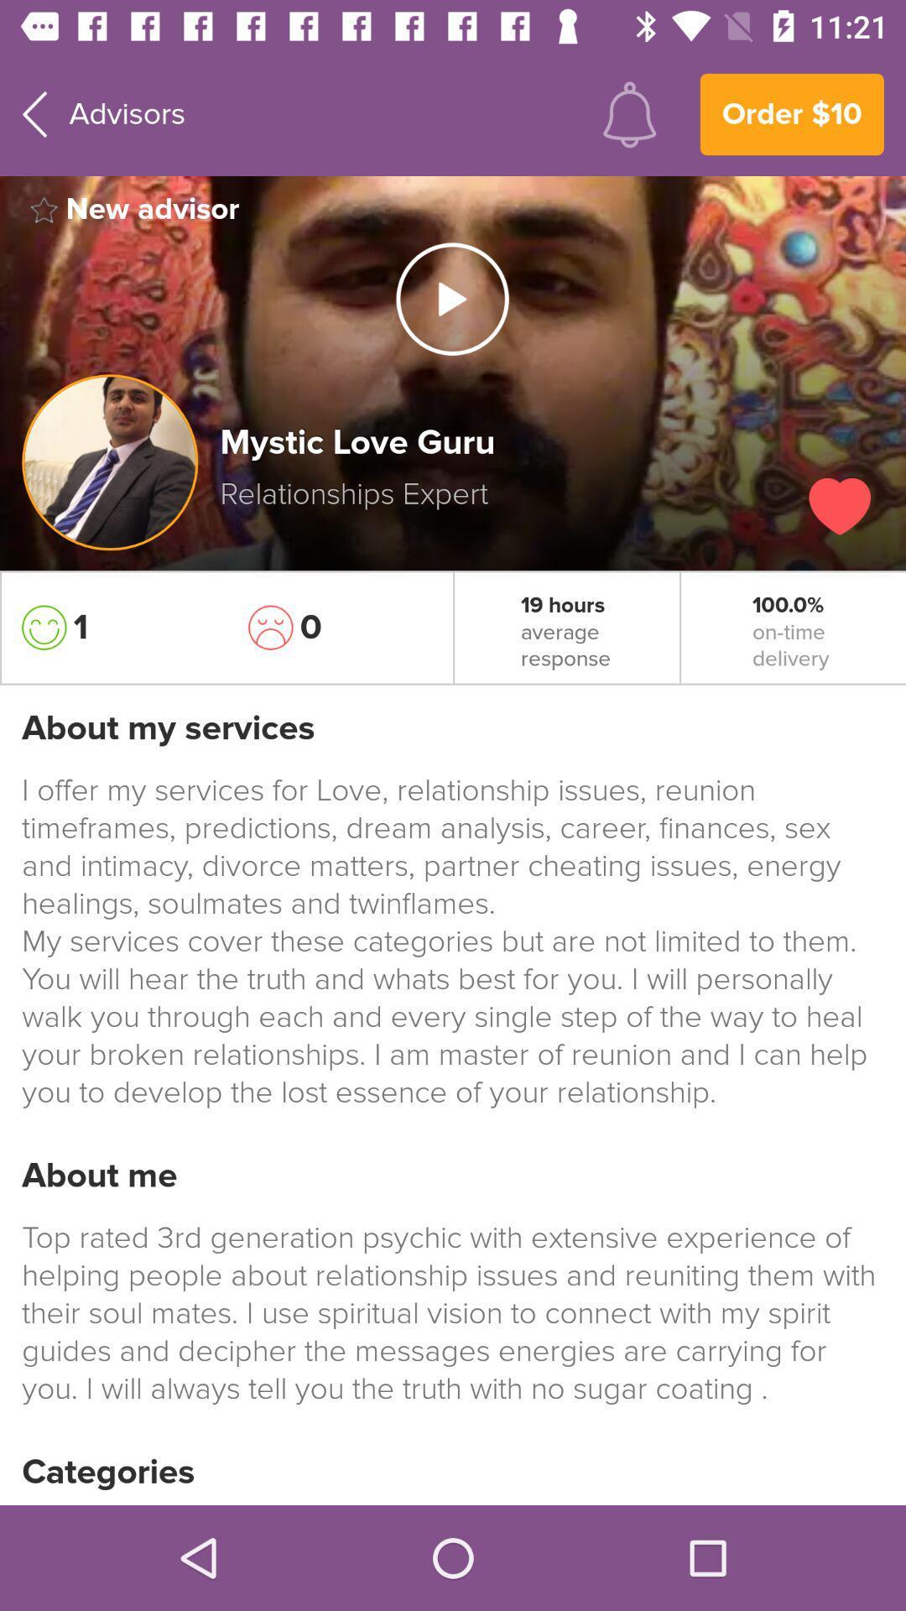 The image size is (906, 1611). What do you see at coordinates (451, 299) in the screenshot?
I see `the video` at bounding box center [451, 299].